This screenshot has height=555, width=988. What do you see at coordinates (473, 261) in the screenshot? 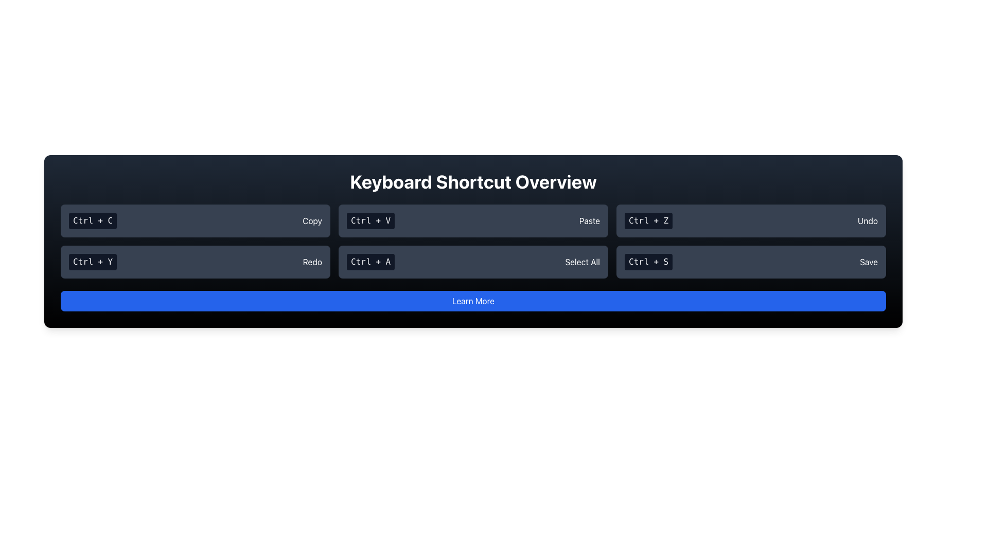
I see `the informational display block labeled 'Ctrl + A' with the description 'Select All', which is positioned in the second row and second column of the grid layout` at bounding box center [473, 261].